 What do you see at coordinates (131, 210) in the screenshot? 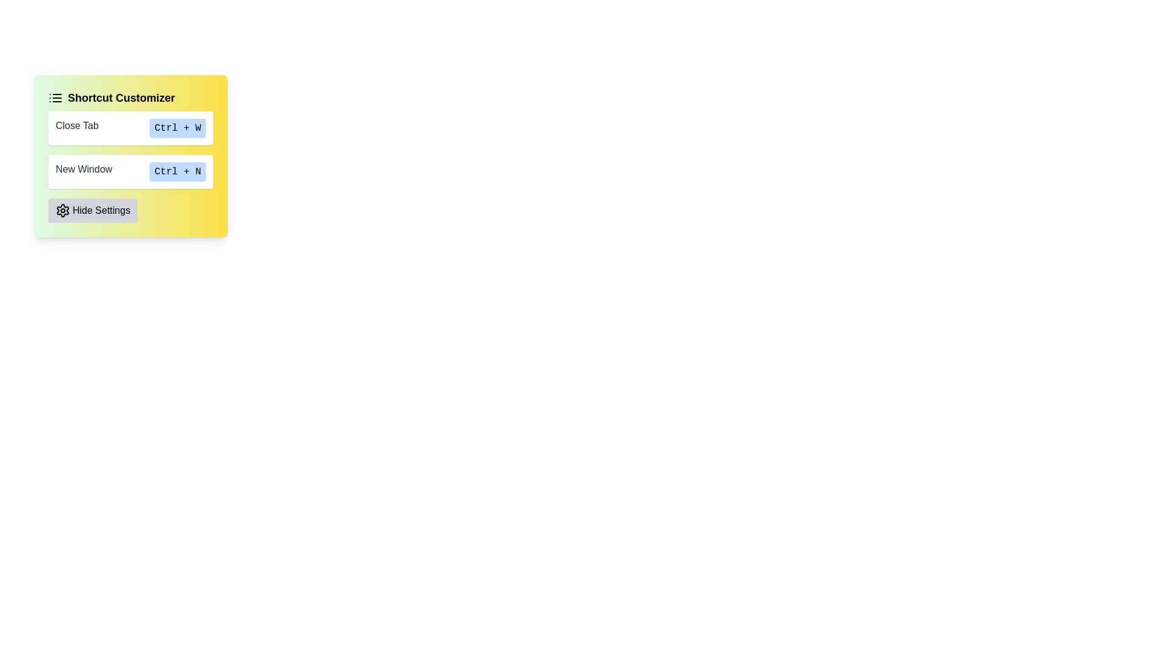
I see `the 'Hide Settings' button, which is a text button with a gear icon on the left, located at the bottom of the 'Shortcut Customizer' group` at bounding box center [131, 210].